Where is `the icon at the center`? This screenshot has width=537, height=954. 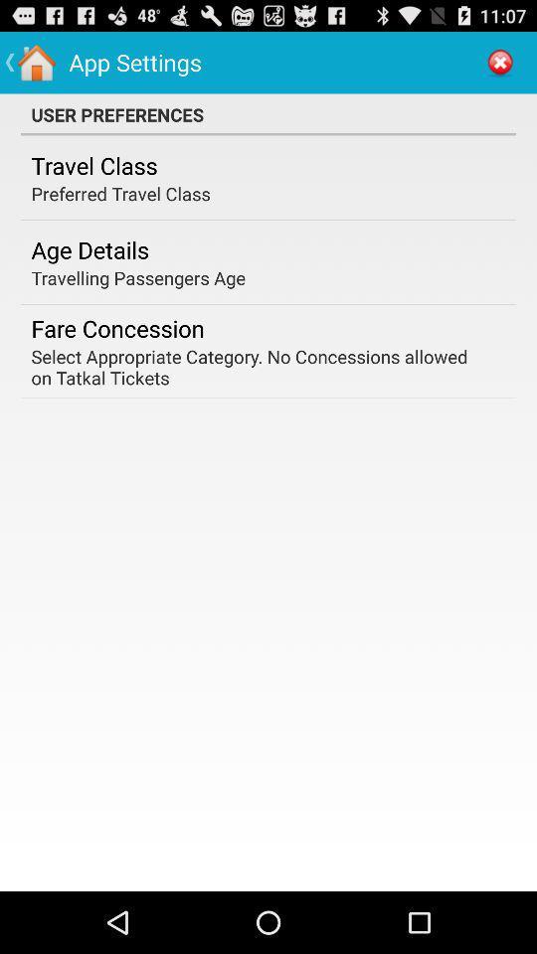 the icon at the center is located at coordinates (262, 366).